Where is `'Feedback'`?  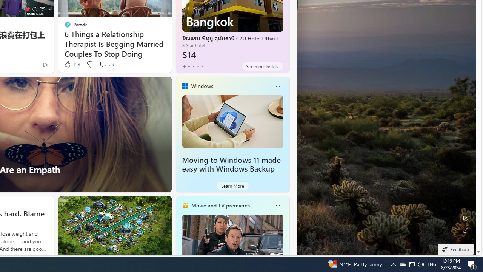
'Feedback' is located at coordinates (455, 249).